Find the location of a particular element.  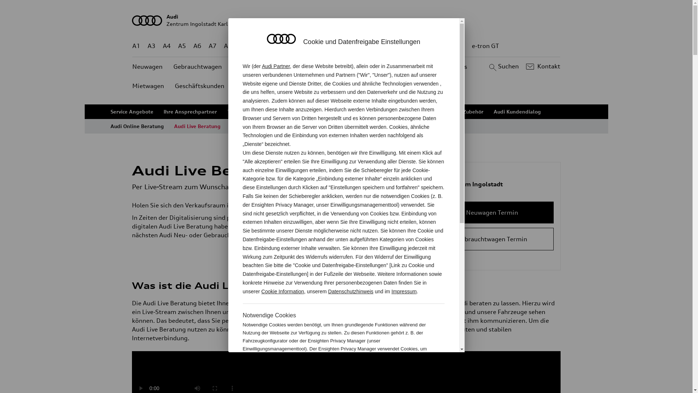

'Impressum' is located at coordinates (404, 291).